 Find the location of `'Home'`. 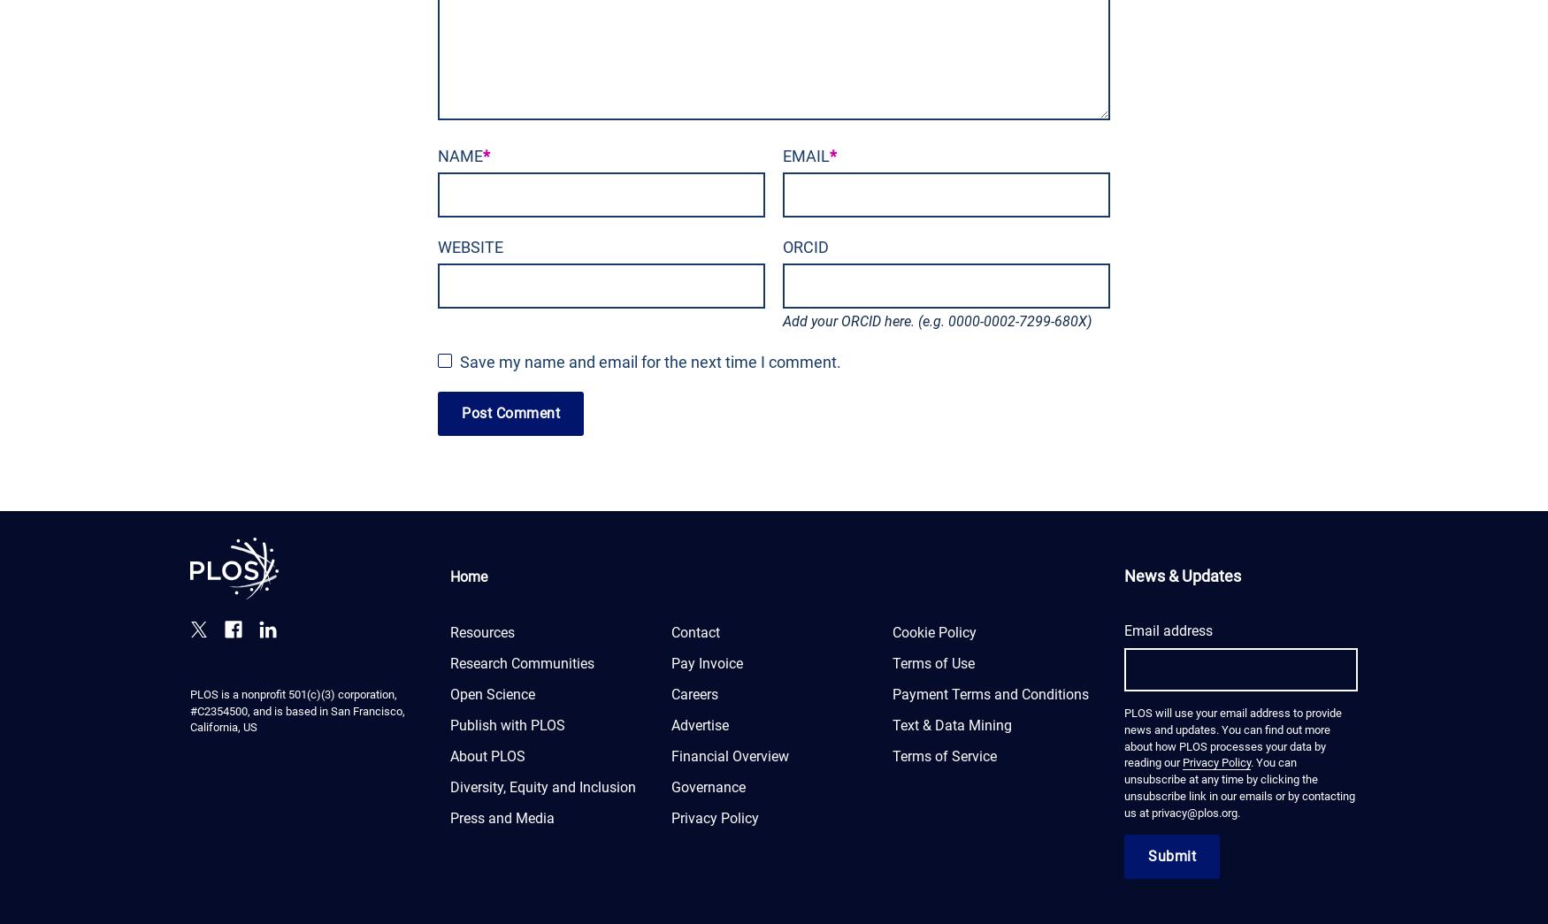

'Home' is located at coordinates (468, 576).